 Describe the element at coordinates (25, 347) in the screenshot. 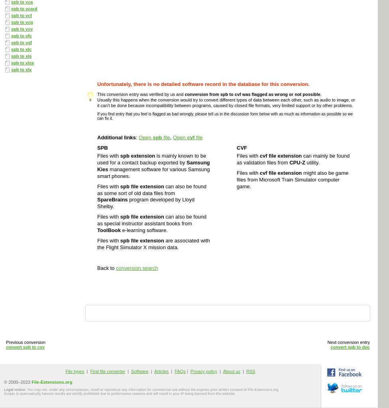

I see `'convert spb to csv'` at that location.